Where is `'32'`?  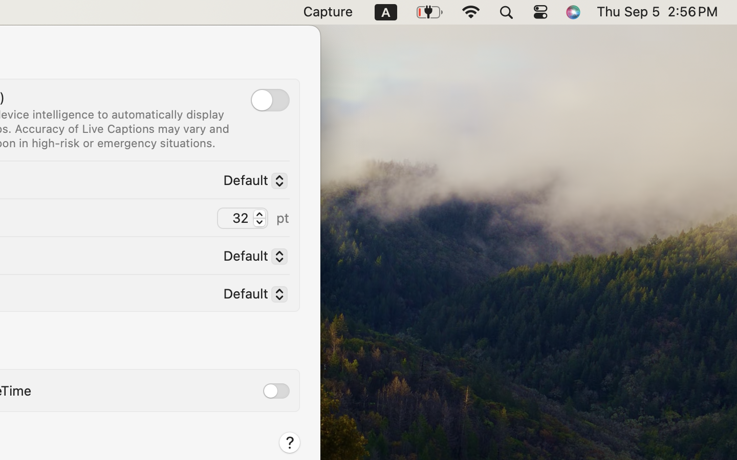 '32' is located at coordinates (243, 218).